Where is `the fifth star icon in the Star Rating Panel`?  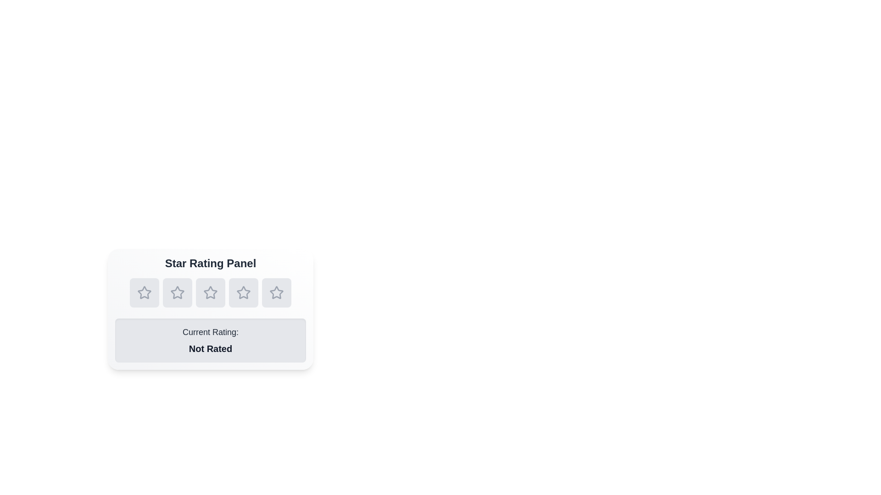
the fifth star icon in the Star Rating Panel is located at coordinates (276, 293).